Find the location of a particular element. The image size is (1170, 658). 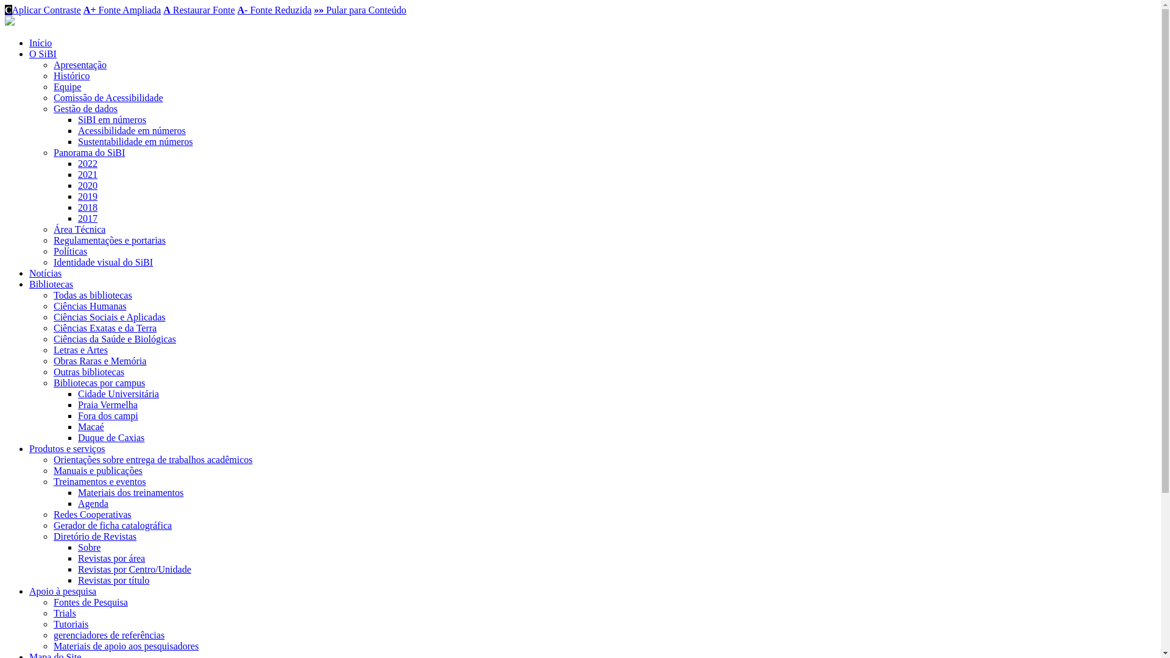

'Fora dos campi' is located at coordinates (108, 415).